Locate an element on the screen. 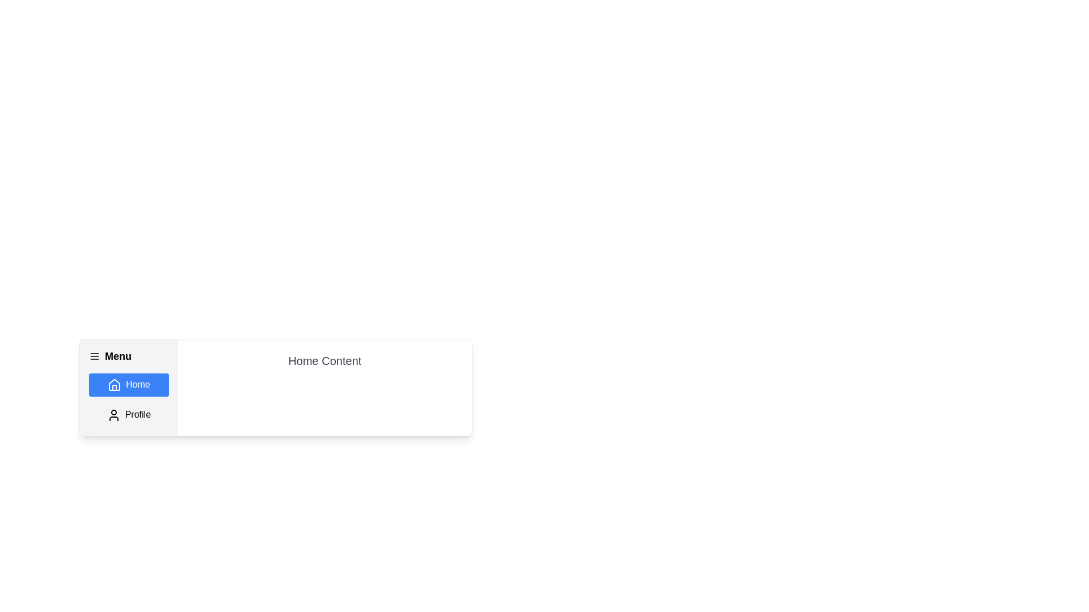  the hamburger menu icon, which consists of three parallel horizontal lines, located at the top left of the menu header section is located at coordinates (95, 355).